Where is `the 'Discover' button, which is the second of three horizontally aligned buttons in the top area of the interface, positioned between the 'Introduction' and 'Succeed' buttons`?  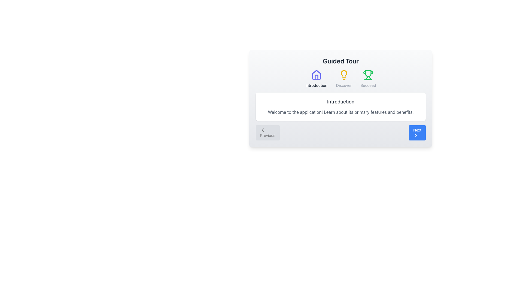 the 'Discover' button, which is the second of three horizontally aligned buttons in the top area of the interface, positioned between the 'Introduction' and 'Succeed' buttons is located at coordinates (343, 79).